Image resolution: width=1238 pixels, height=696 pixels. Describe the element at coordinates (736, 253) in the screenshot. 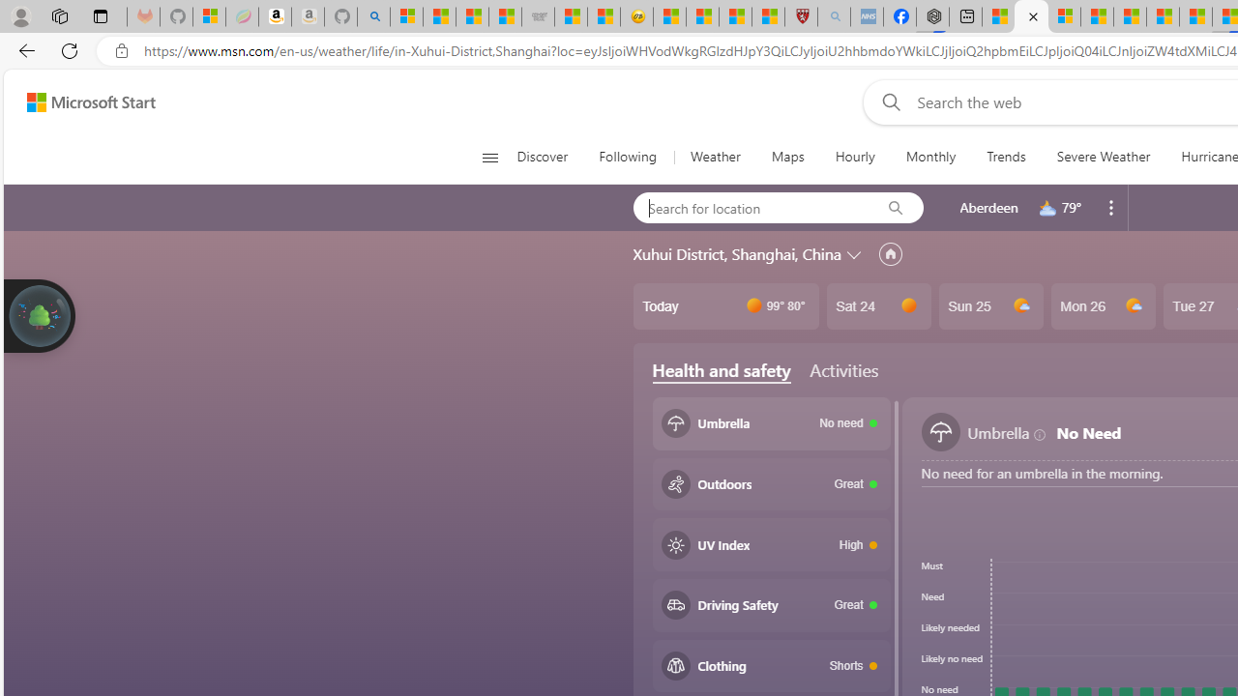

I see `'Xuhui District, Shanghai, China'` at that location.